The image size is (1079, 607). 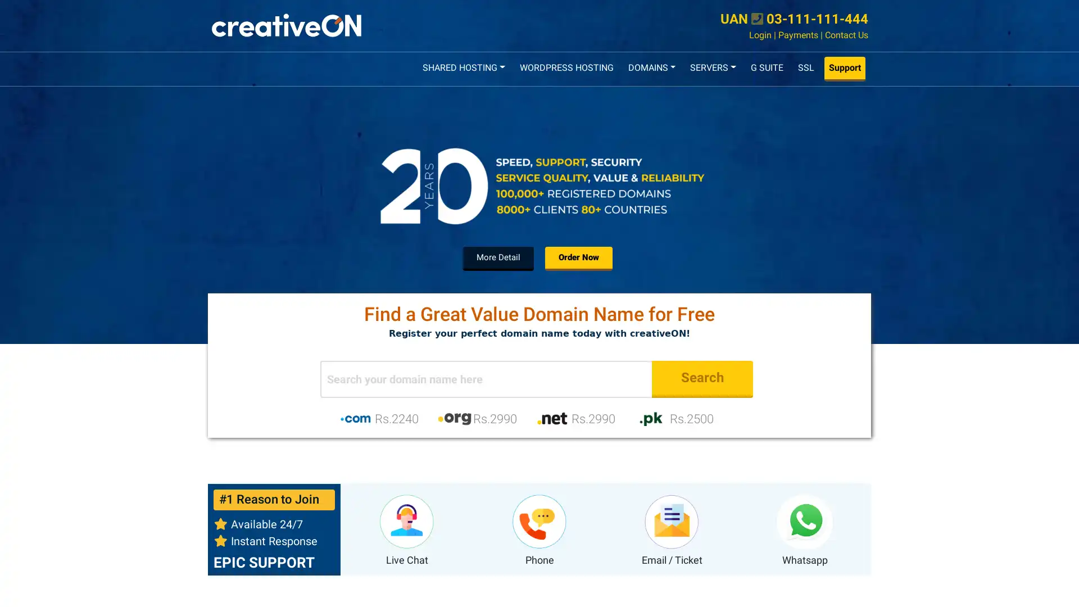 What do you see at coordinates (498, 258) in the screenshot?
I see `More Detail` at bounding box center [498, 258].